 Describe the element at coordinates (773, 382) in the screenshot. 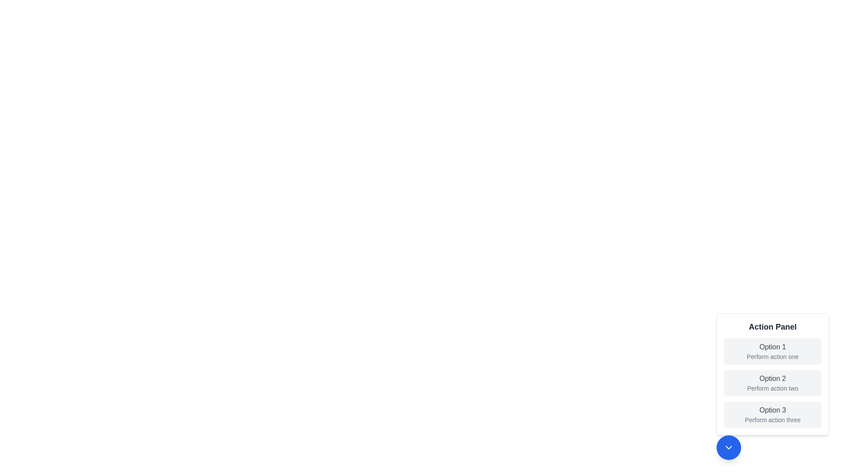

I see `the second item in the 'Action Panel' menu labeled 'Perform action two'` at that location.